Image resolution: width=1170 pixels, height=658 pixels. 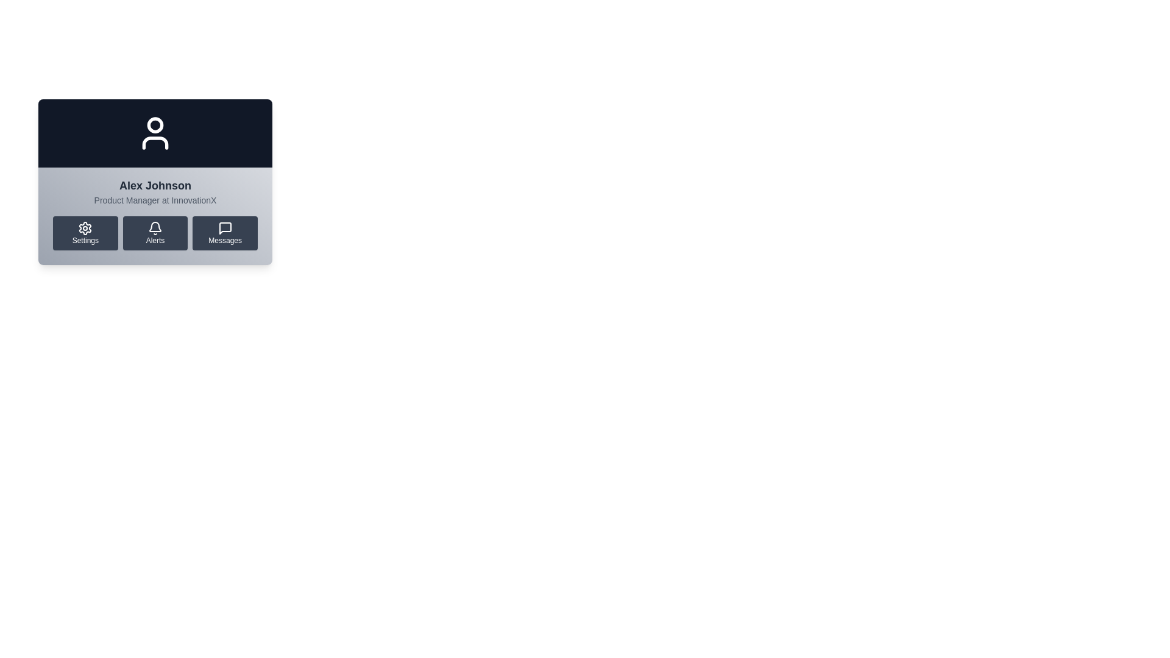 I want to click on the text label that reads 'Product Manager at InnovationX', which is styled with a small font size and gray color, positioned below 'Alex Johnson', so click(x=154, y=199).